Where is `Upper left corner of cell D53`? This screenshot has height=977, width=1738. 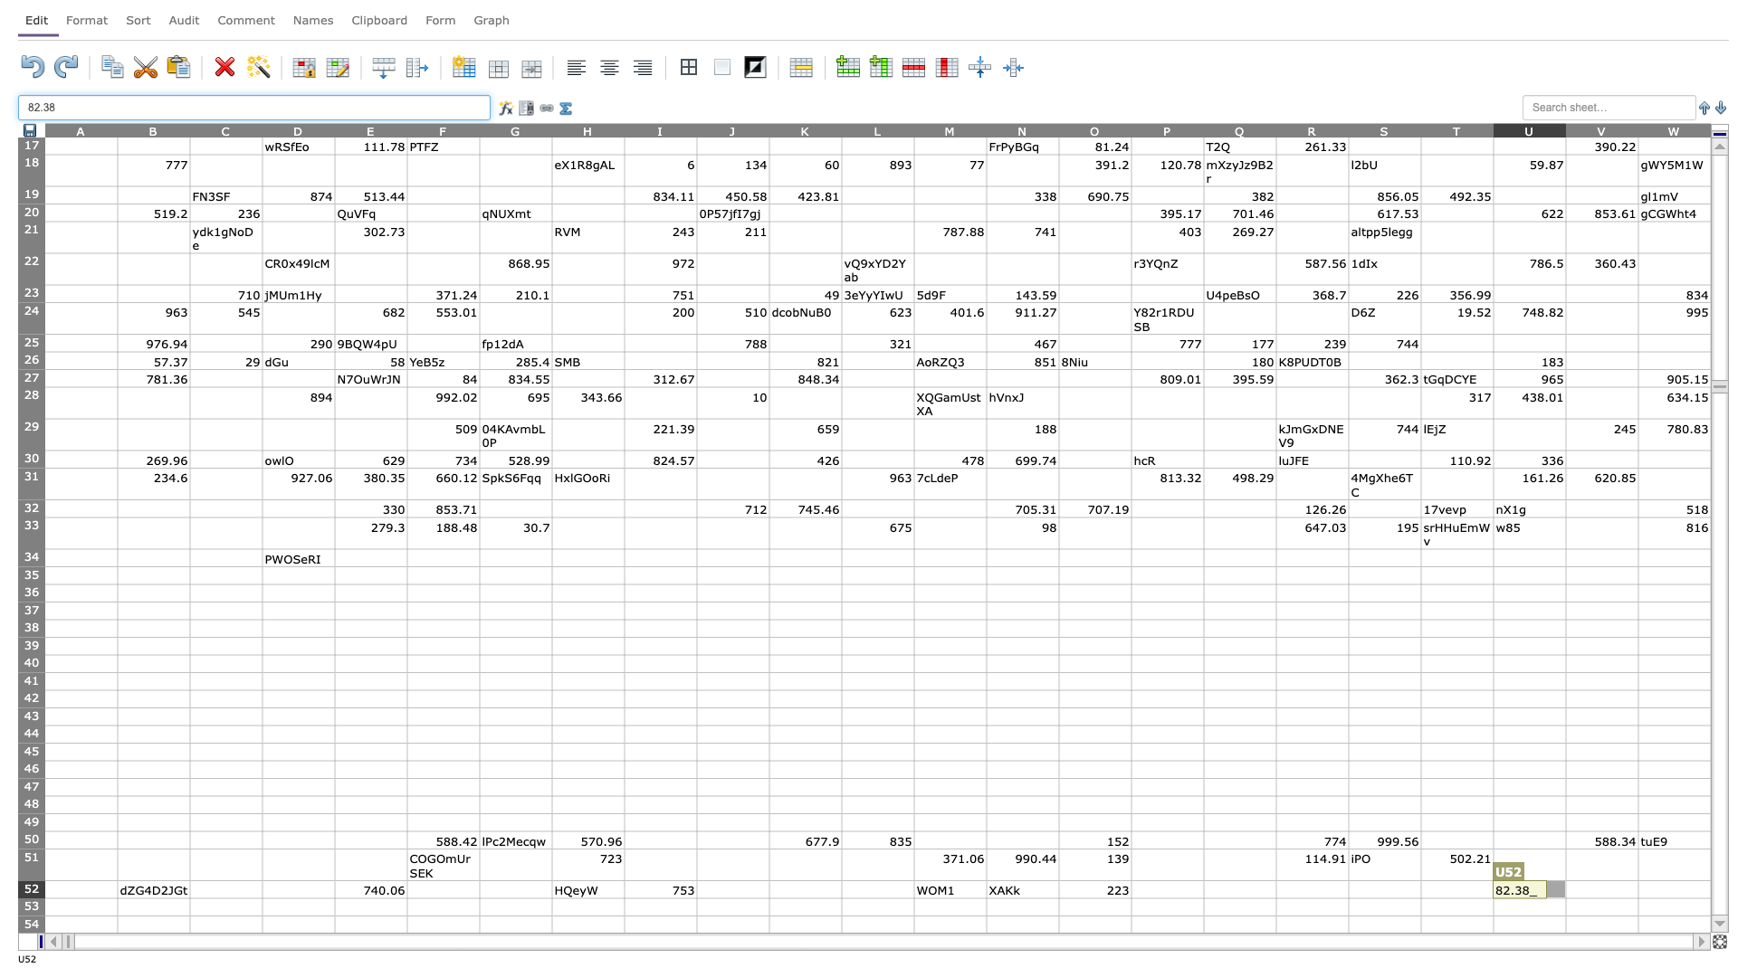 Upper left corner of cell D53 is located at coordinates (261, 897).